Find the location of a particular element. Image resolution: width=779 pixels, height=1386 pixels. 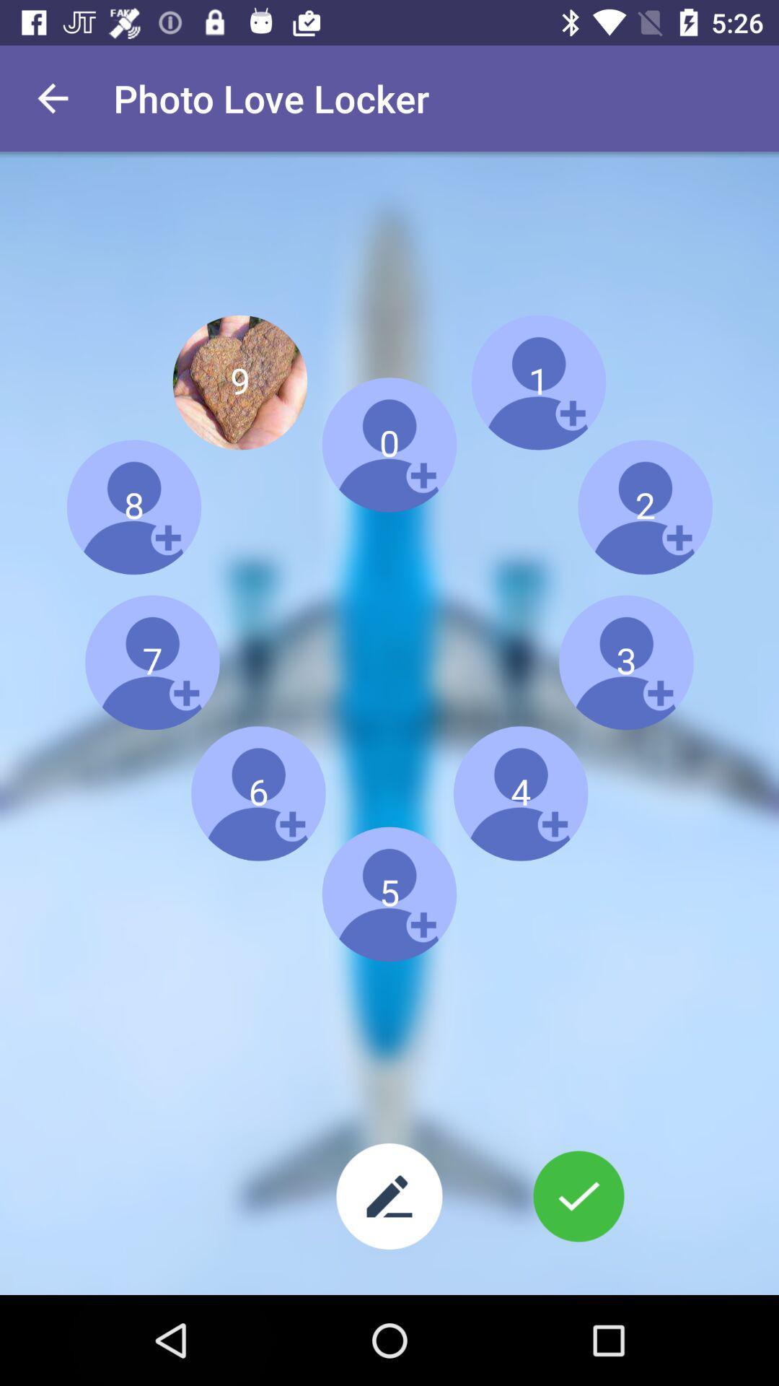

the check icon is located at coordinates (578, 1196).